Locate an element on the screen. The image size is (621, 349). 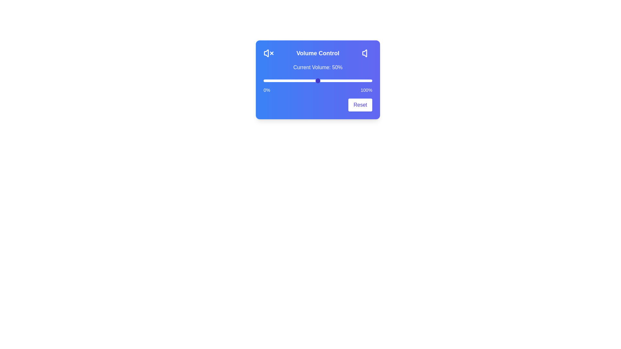
the volume slider to 95% is located at coordinates (367, 80).